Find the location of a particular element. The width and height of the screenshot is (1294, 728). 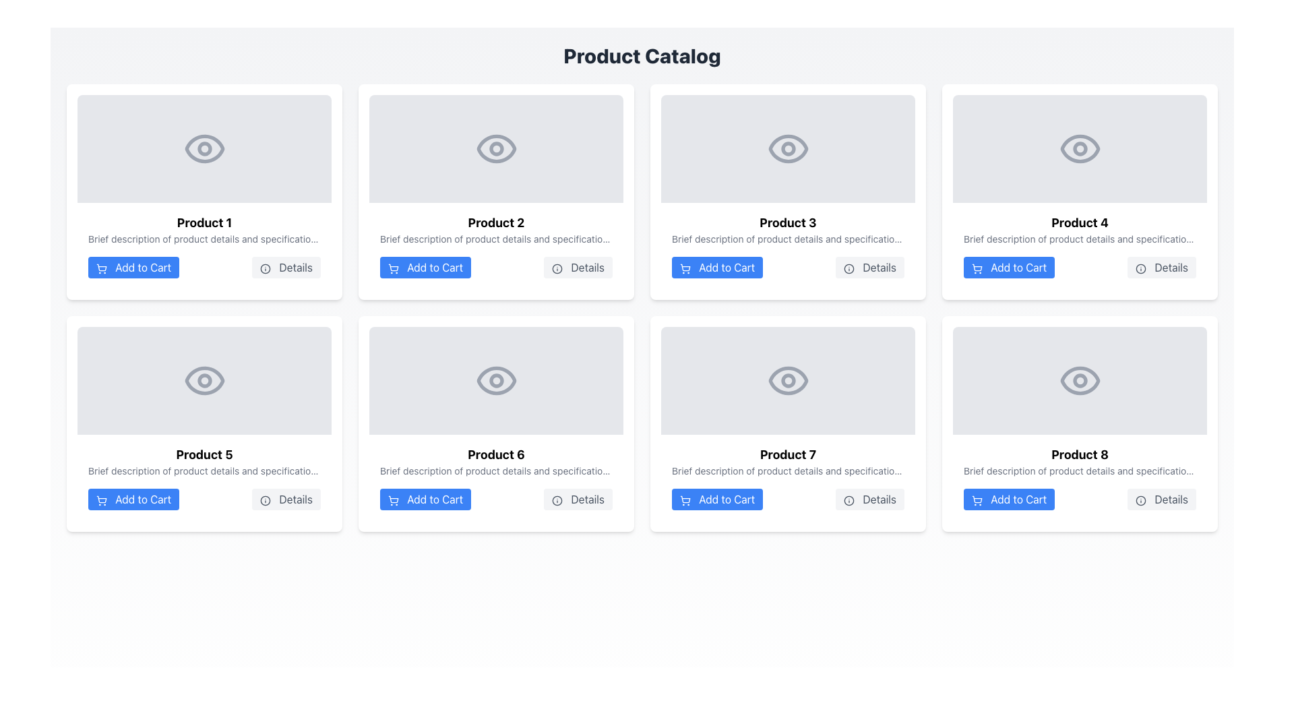

the title text 'Product 1' located at the upper section of the product card is located at coordinates (204, 222).